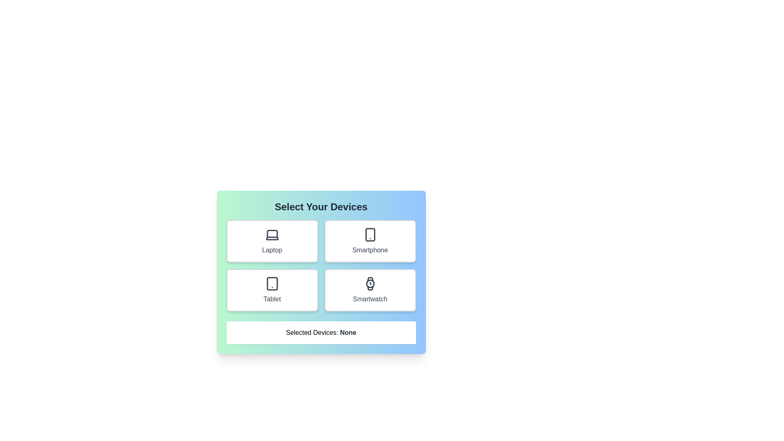  I want to click on the Smartphone button to observe its hover effect, so click(370, 241).